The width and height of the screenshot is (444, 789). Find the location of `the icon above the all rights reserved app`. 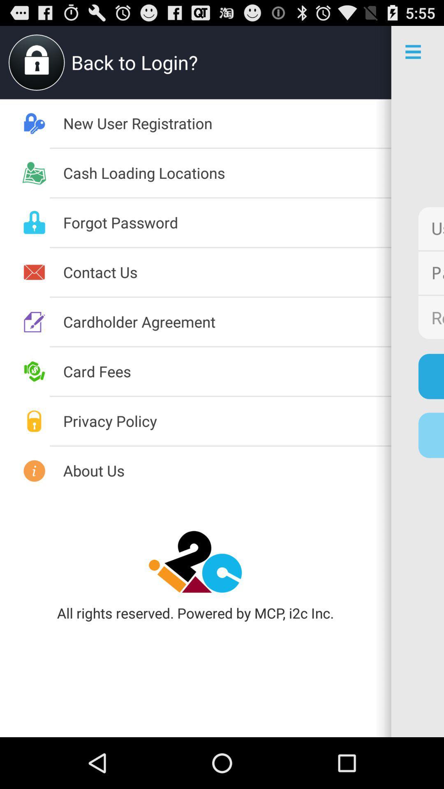

the icon above the all rights reserved app is located at coordinates (195, 561).